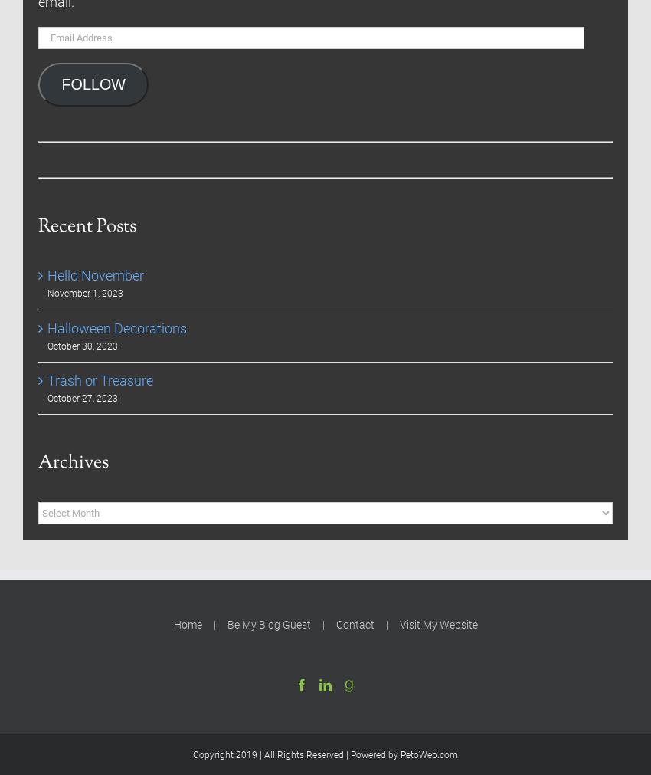 This screenshot has width=651, height=775. Describe the element at coordinates (225, 622) in the screenshot. I see `'Be My Blog Guest'` at that location.